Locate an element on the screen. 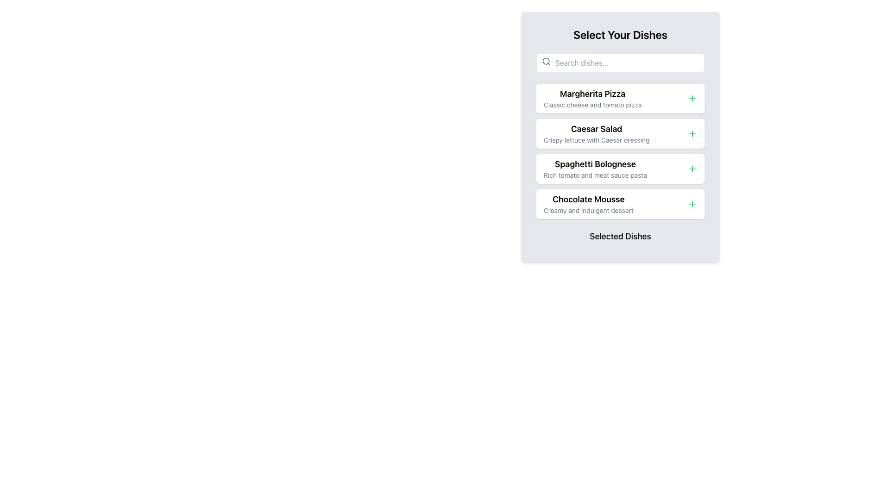  descriptive text label providing details about the dish 'Margherita Pizza', located below the main title of the dish in the UI panel is located at coordinates (592, 105).